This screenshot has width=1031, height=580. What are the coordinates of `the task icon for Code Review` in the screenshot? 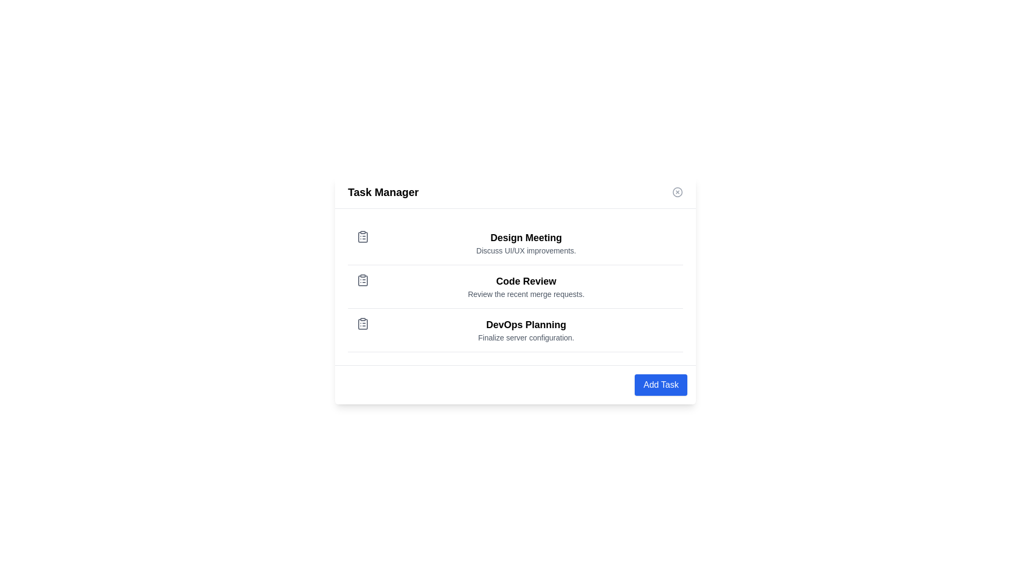 It's located at (363, 279).